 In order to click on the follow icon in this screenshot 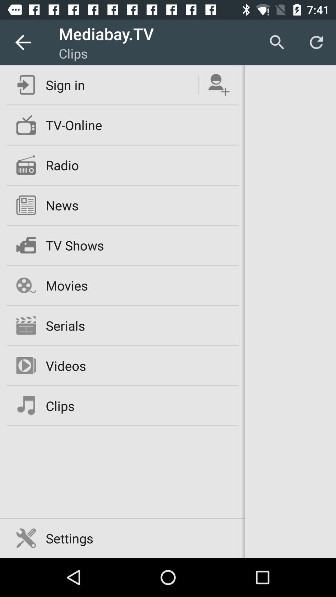, I will do `click(218, 85)`.